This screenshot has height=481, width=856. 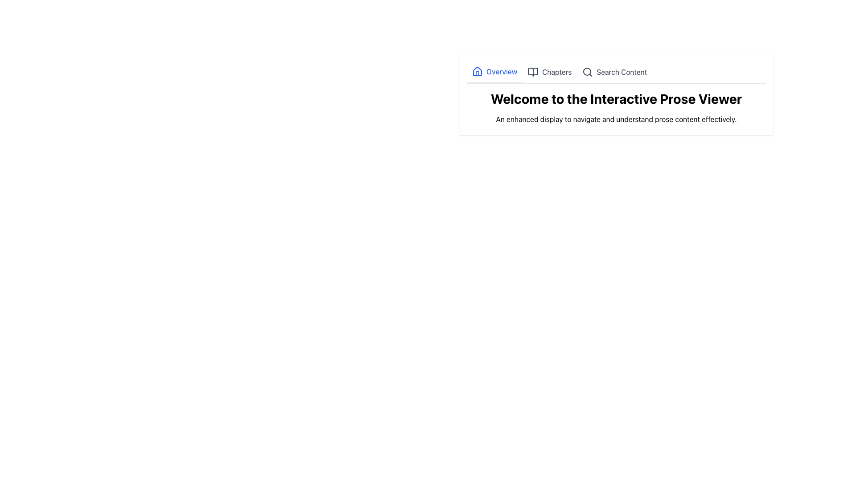 I want to click on the text block that features a prominent heading 'Welcome to the Interactive Prose Viewer' and subtext 'An enhanced display to navigate and understand prose content effectively.', so click(x=616, y=94).